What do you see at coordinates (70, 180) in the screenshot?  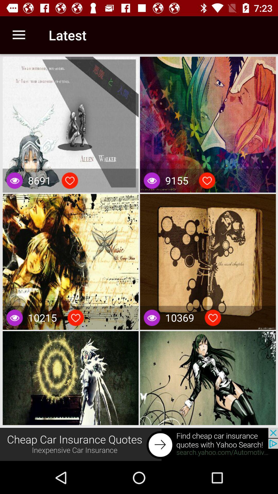 I see `user content` at bounding box center [70, 180].